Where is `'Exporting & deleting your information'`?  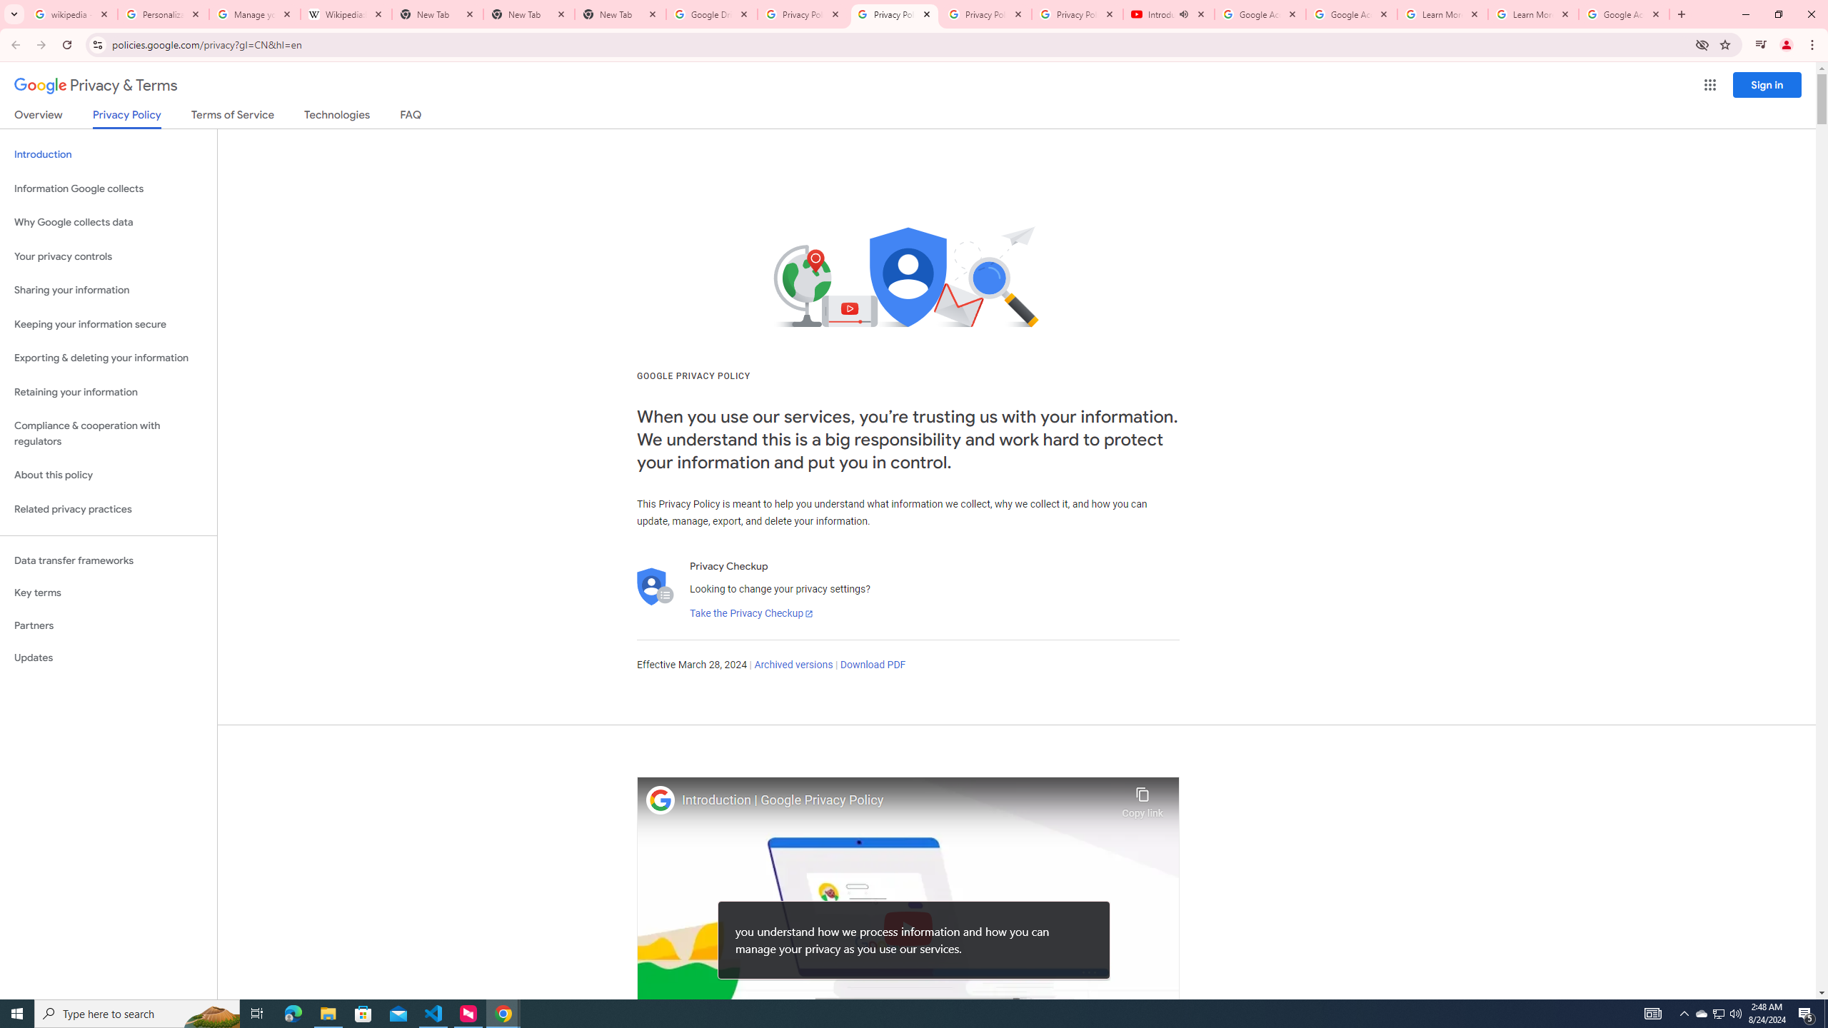 'Exporting & deleting your information' is located at coordinates (108, 358).